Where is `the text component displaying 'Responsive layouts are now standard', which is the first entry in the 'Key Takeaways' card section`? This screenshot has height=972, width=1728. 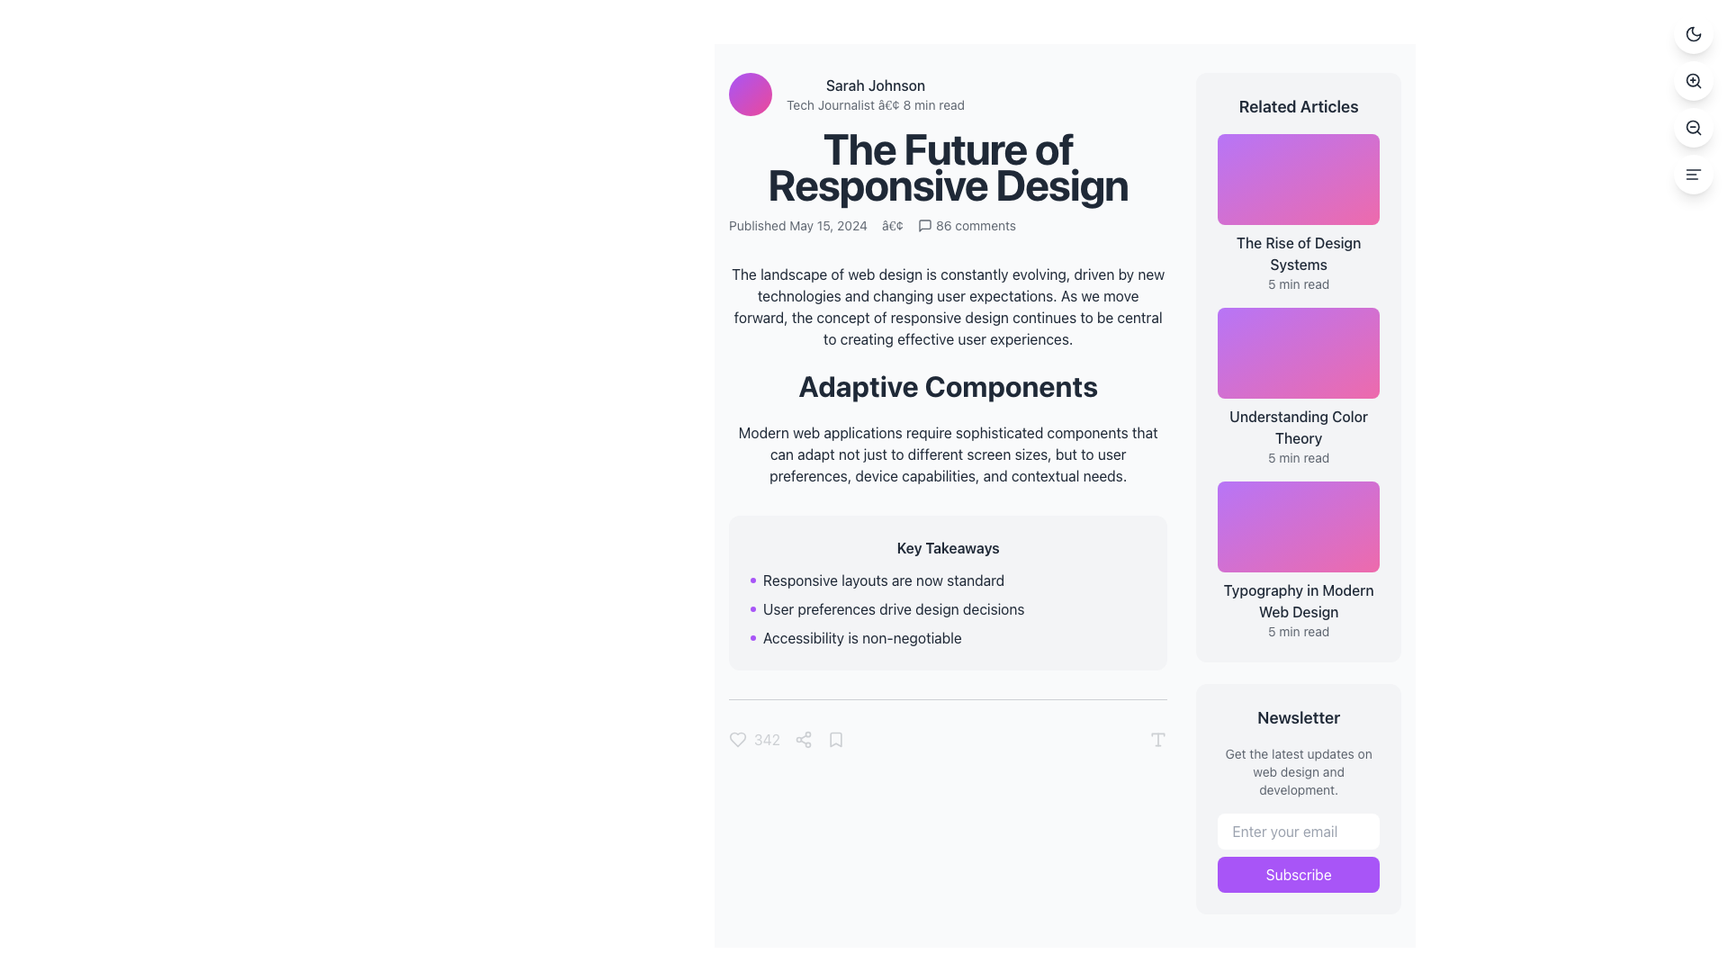
the text component displaying 'Responsive layouts are now standard', which is the first entry in the 'Key Takeaways' card section is located at coordinates (947, 580).